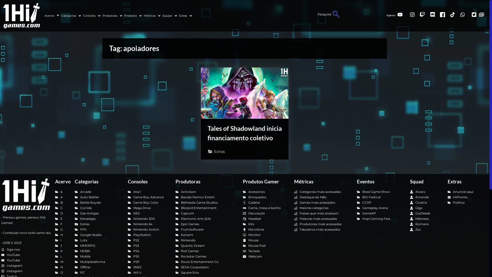 The width and height of the screenshot is (492, 277). I want to click on 'Das Antigas', so click(99, 213).